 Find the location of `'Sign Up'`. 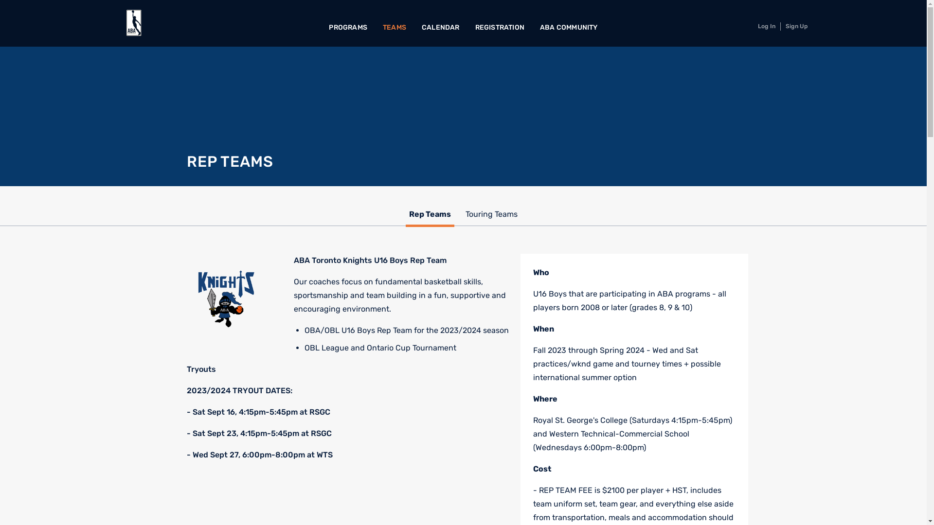

'Sign Up' is located at coordinates (796, 26).